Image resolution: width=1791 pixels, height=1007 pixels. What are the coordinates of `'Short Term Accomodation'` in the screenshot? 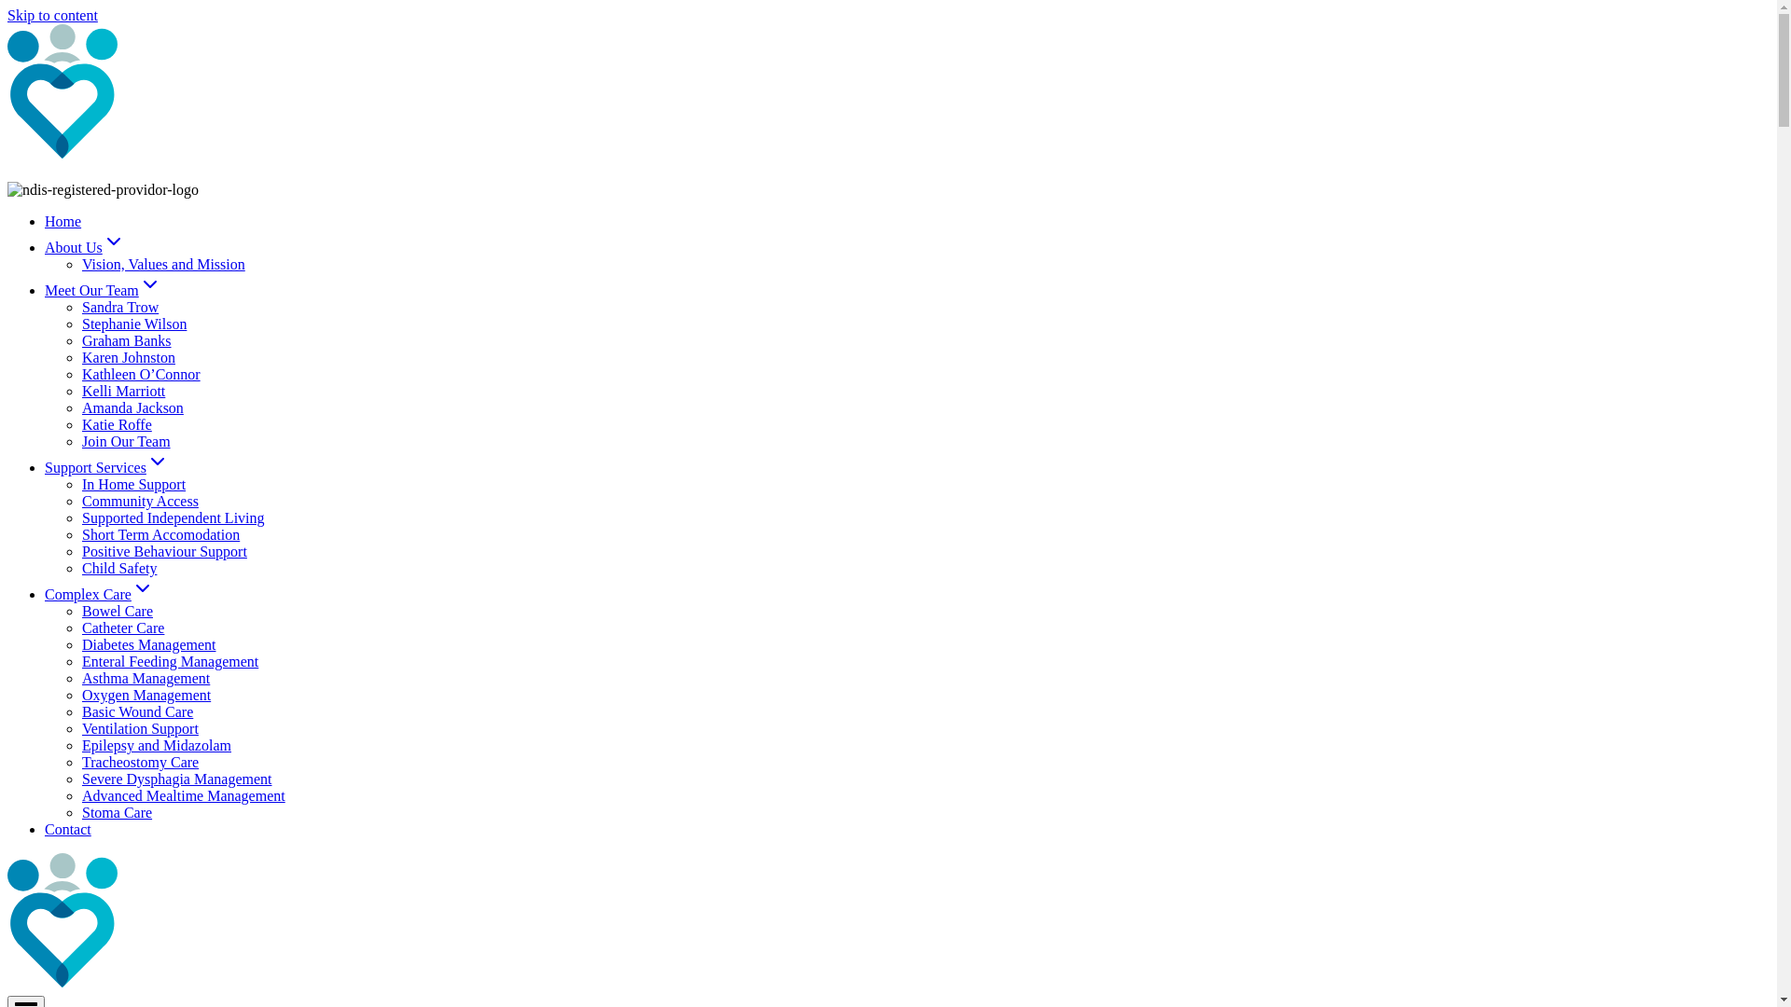 It's located at (160, 534).